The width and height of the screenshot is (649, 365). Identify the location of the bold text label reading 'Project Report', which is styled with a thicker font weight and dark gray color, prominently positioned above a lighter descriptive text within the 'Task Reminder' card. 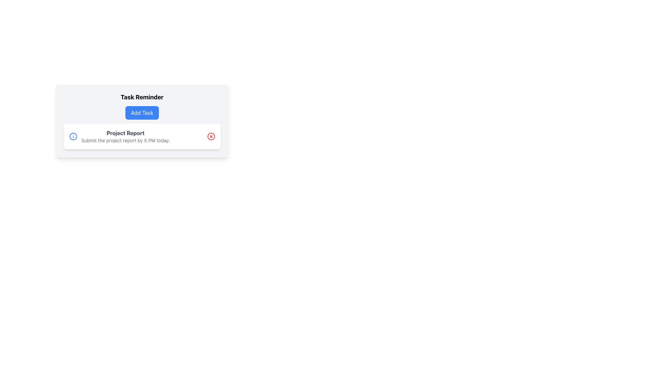
(125, 133).